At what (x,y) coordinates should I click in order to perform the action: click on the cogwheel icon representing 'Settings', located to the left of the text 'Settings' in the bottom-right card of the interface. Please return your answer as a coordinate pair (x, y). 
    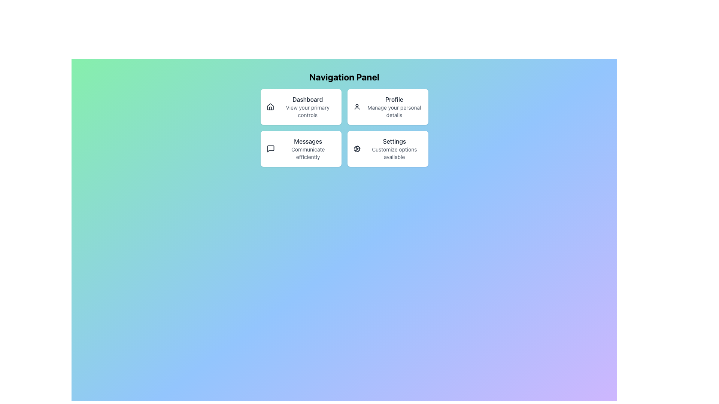
    Looking at the image, I should click on (357, 149).